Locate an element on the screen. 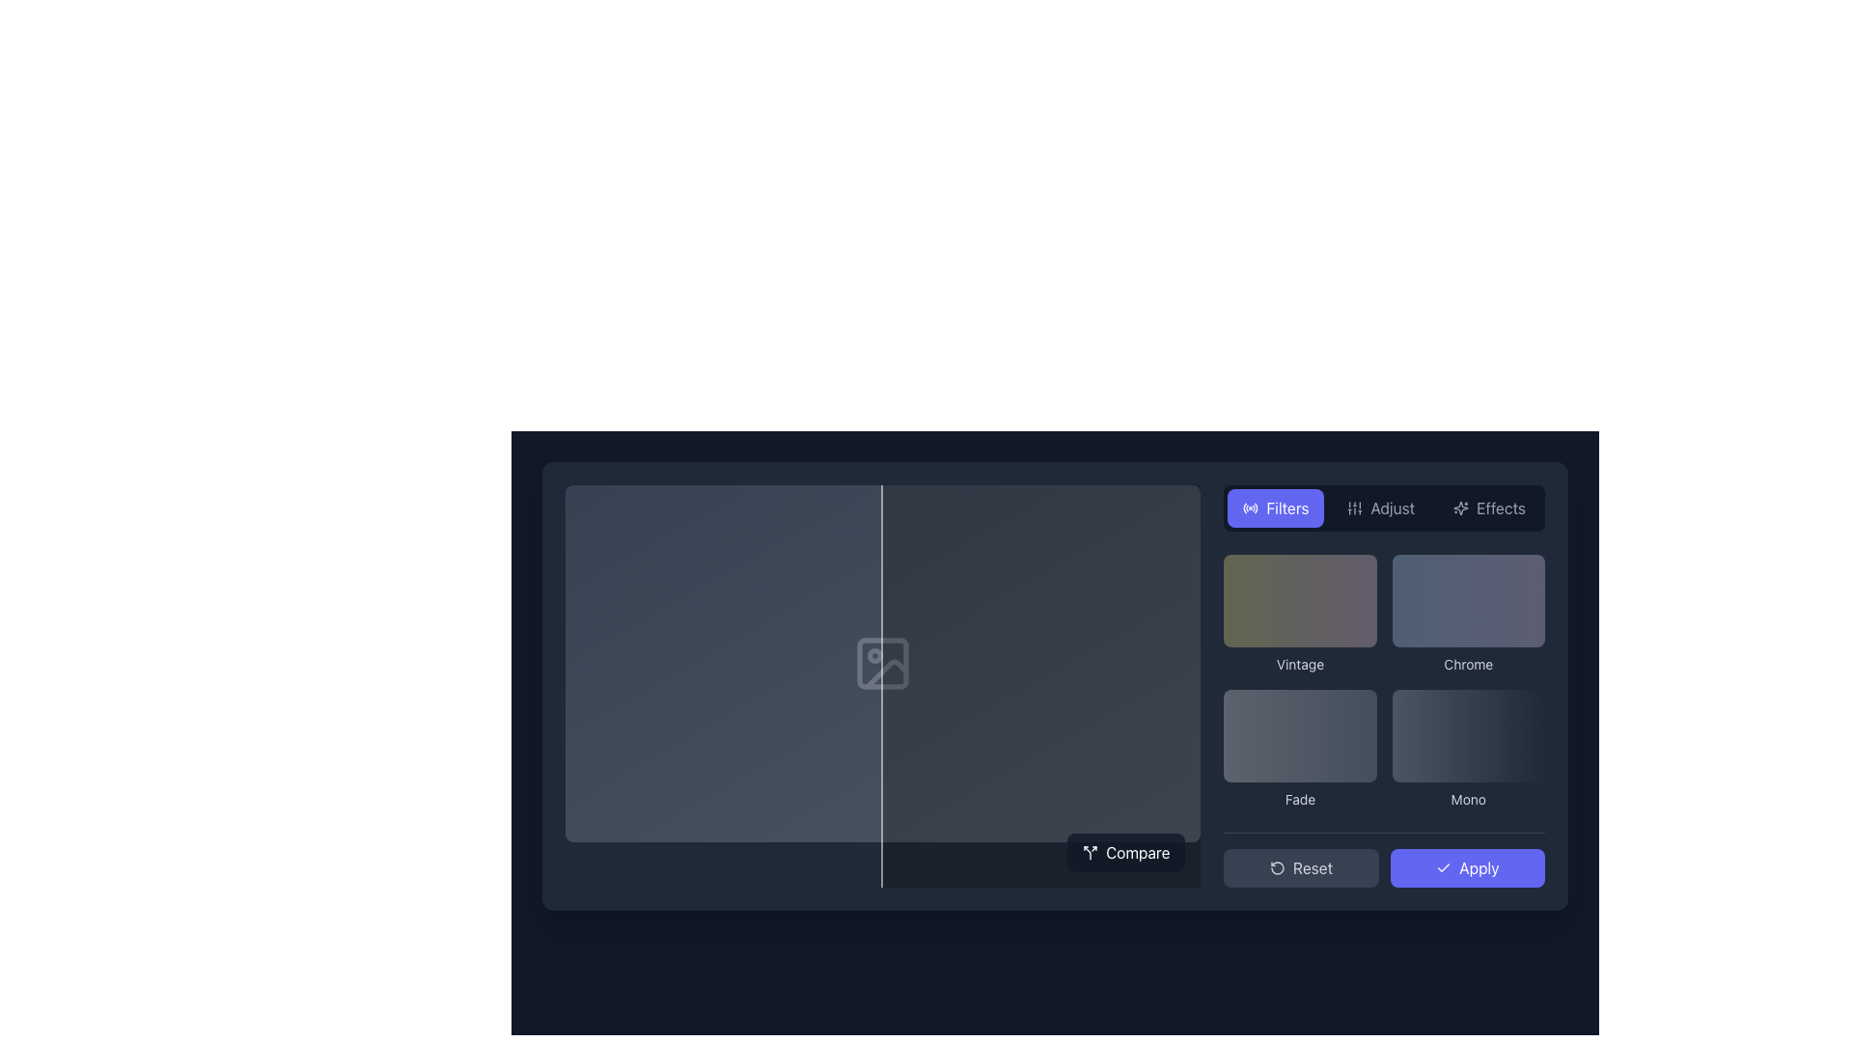 This screenshot has width=1853, height=1042. the center button in the horizontal group of three buttons at the upper right section of the interface is located at coordinates (1380, 507).